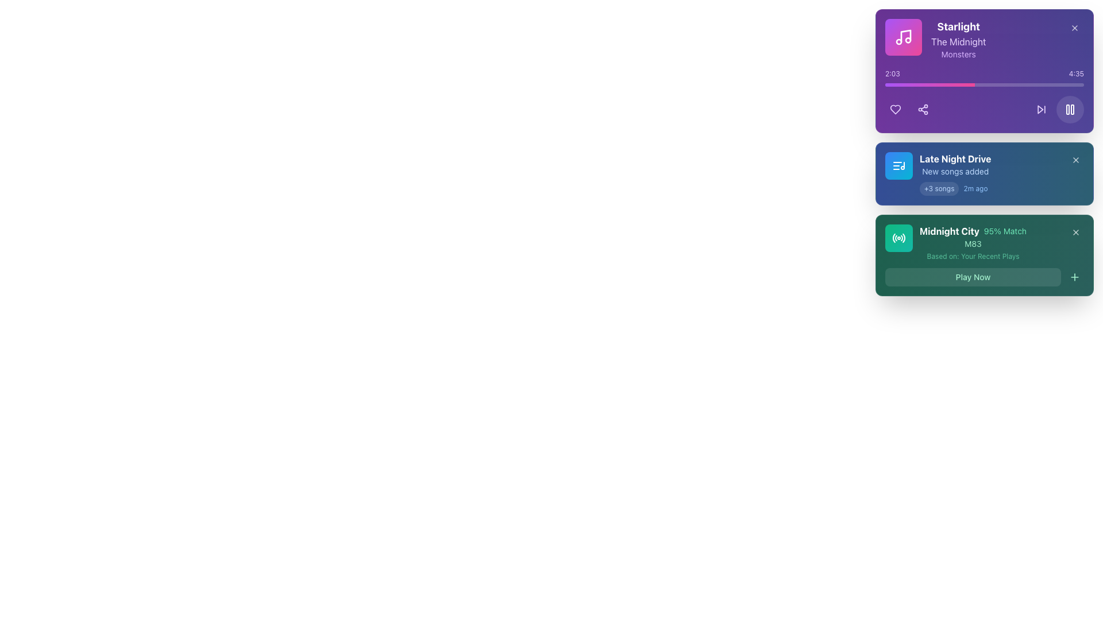 This screenshot has width=1103, height=620. Describe the element at coordinates (973, 242) in the screenshot. I see `informational text block that provides details about a musical recommendation, including the title, match percentage, artist, and the reason for its suggestion, located in the third card of a vertically stacked list` at that location.